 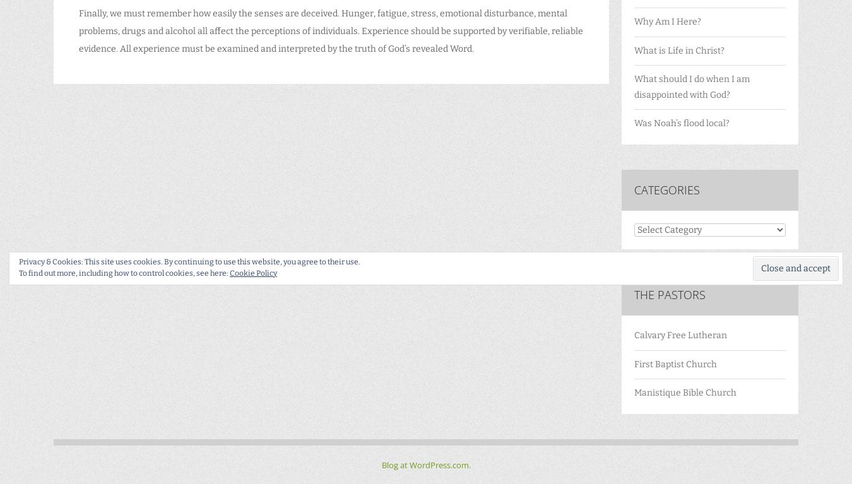 I want to click on 'What should I do when I am disappointed with God?', so click(x=692, y=86).